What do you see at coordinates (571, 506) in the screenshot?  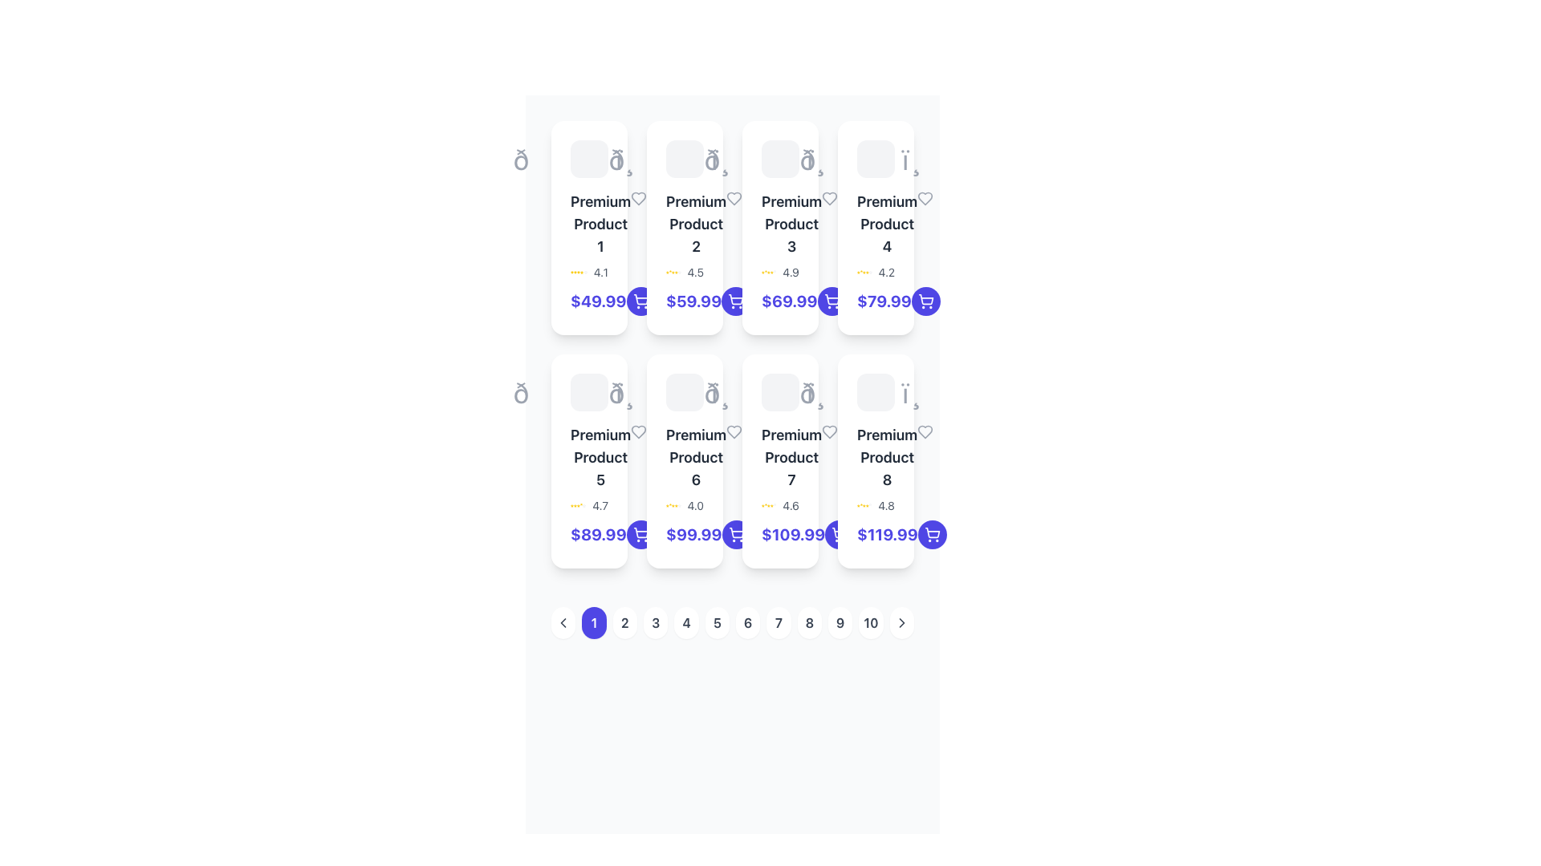 I see `first yellow star icon in the rating system, which indicates a score of 4.7 for the fifth product card in the second row` at bounding box center [571, 506].